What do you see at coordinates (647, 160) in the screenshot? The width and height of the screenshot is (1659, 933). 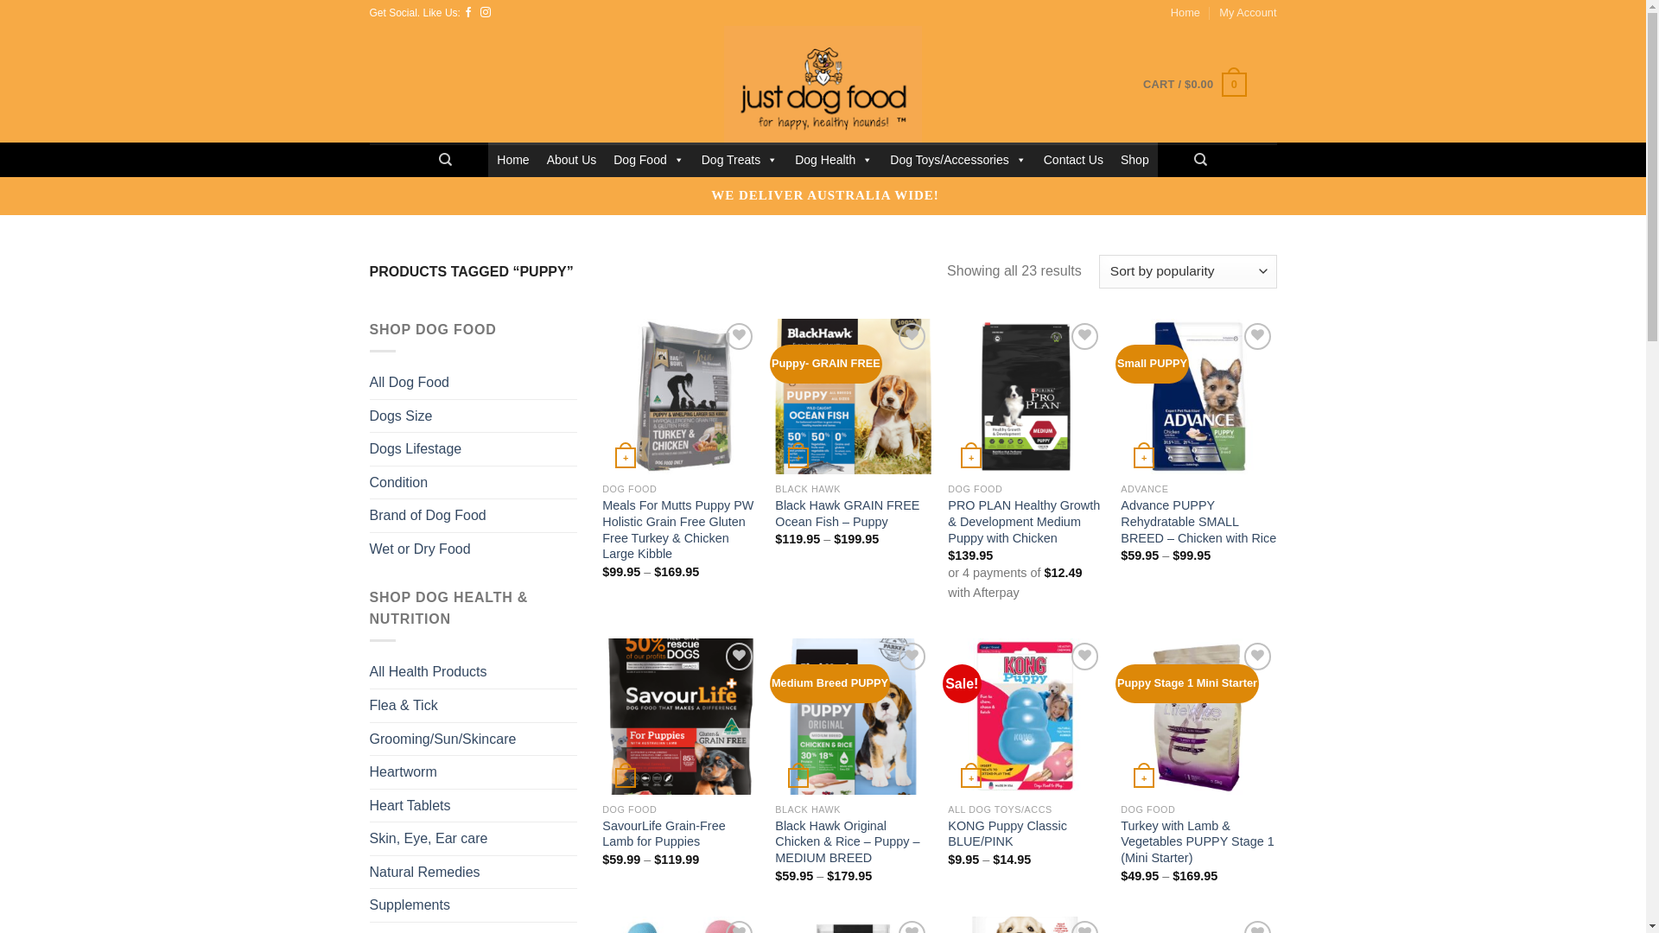 I see `'Dog Food'` at bounding box center [647, 160].